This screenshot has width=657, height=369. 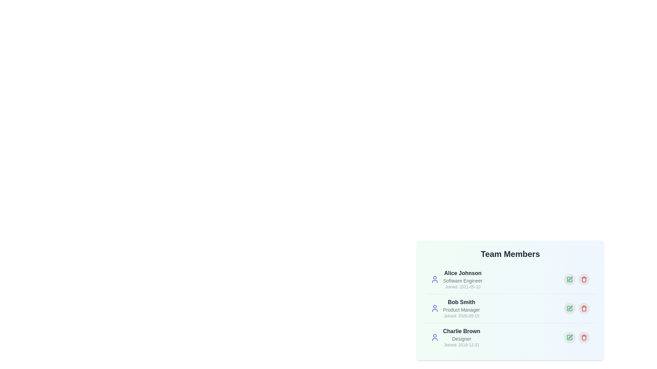 I want to click on the profile of Charlie Brown to highlight it, so click(x=510, y=337).